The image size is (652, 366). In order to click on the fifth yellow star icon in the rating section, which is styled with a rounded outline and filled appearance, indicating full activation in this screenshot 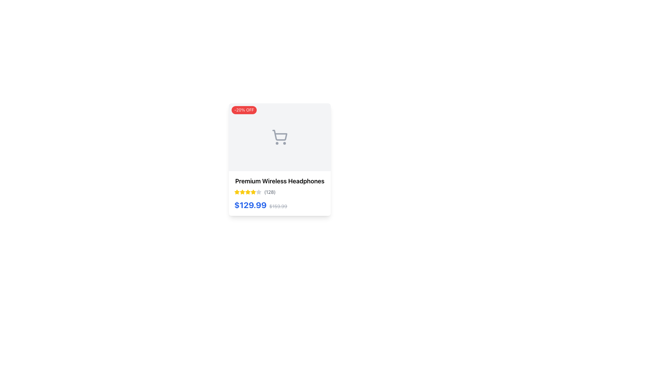, I will do `click(247, 192)`.